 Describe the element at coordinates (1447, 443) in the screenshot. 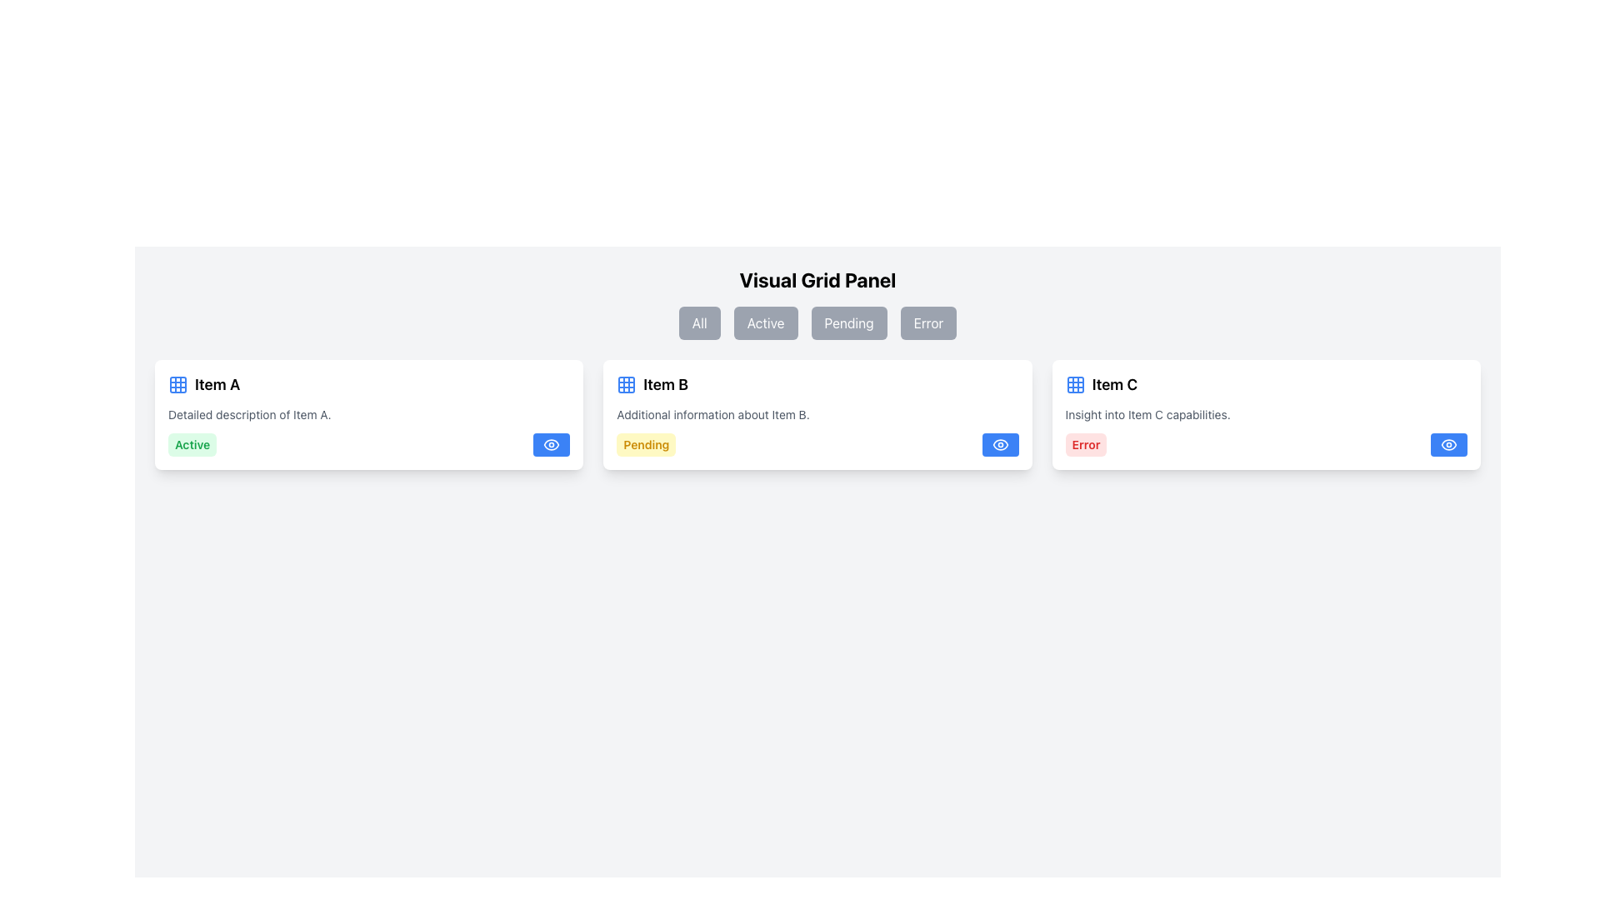

I see `the button located to the right of the 'Error' label within the 'Item C' card` at that location.